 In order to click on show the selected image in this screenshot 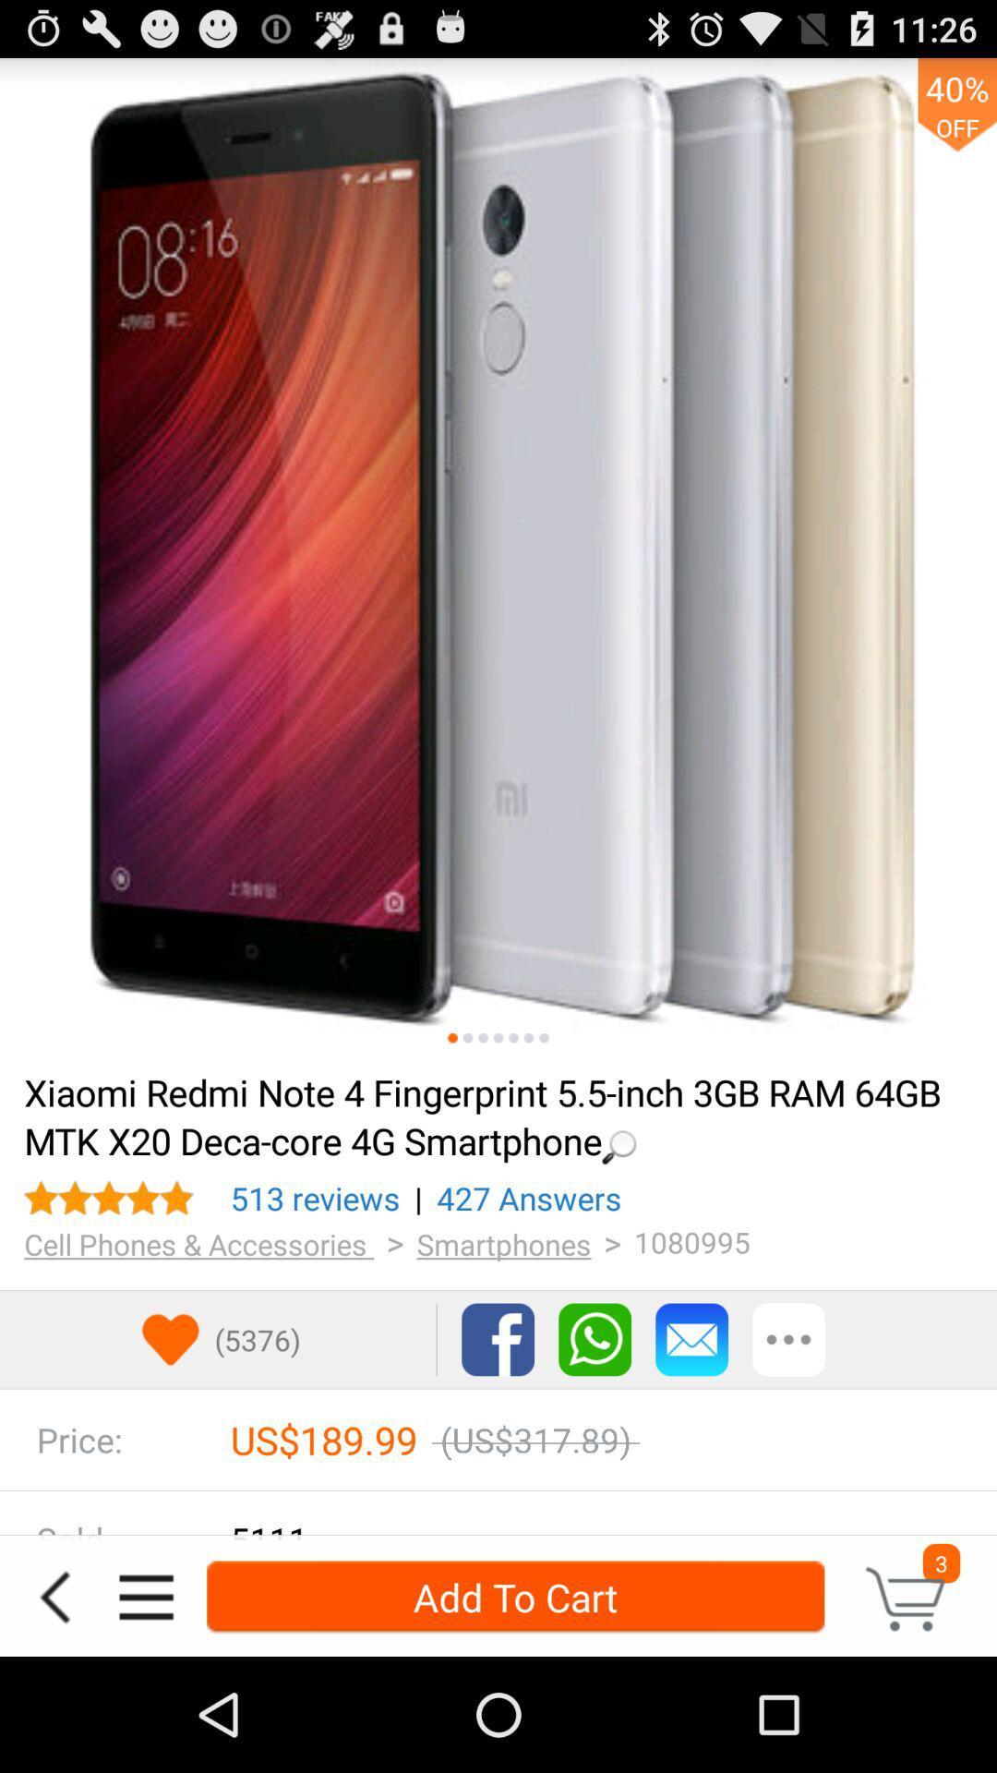, I will do `click(498, 1038)`.